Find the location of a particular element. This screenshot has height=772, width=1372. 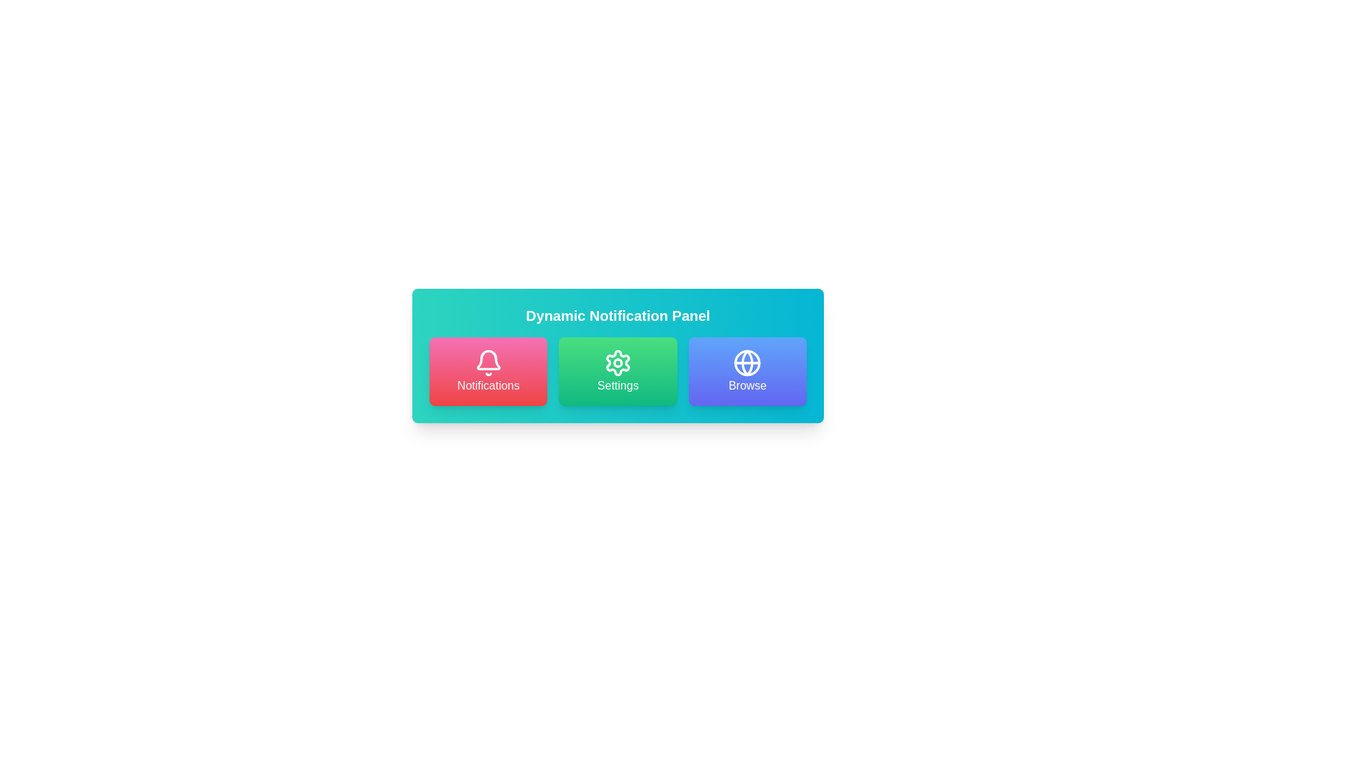

the static text element that displays the section title, which is styled and centered horizontally above the buttons labeled 'Notifications', 'Settings', and 'Browse' is located at coordinates (617, 315).